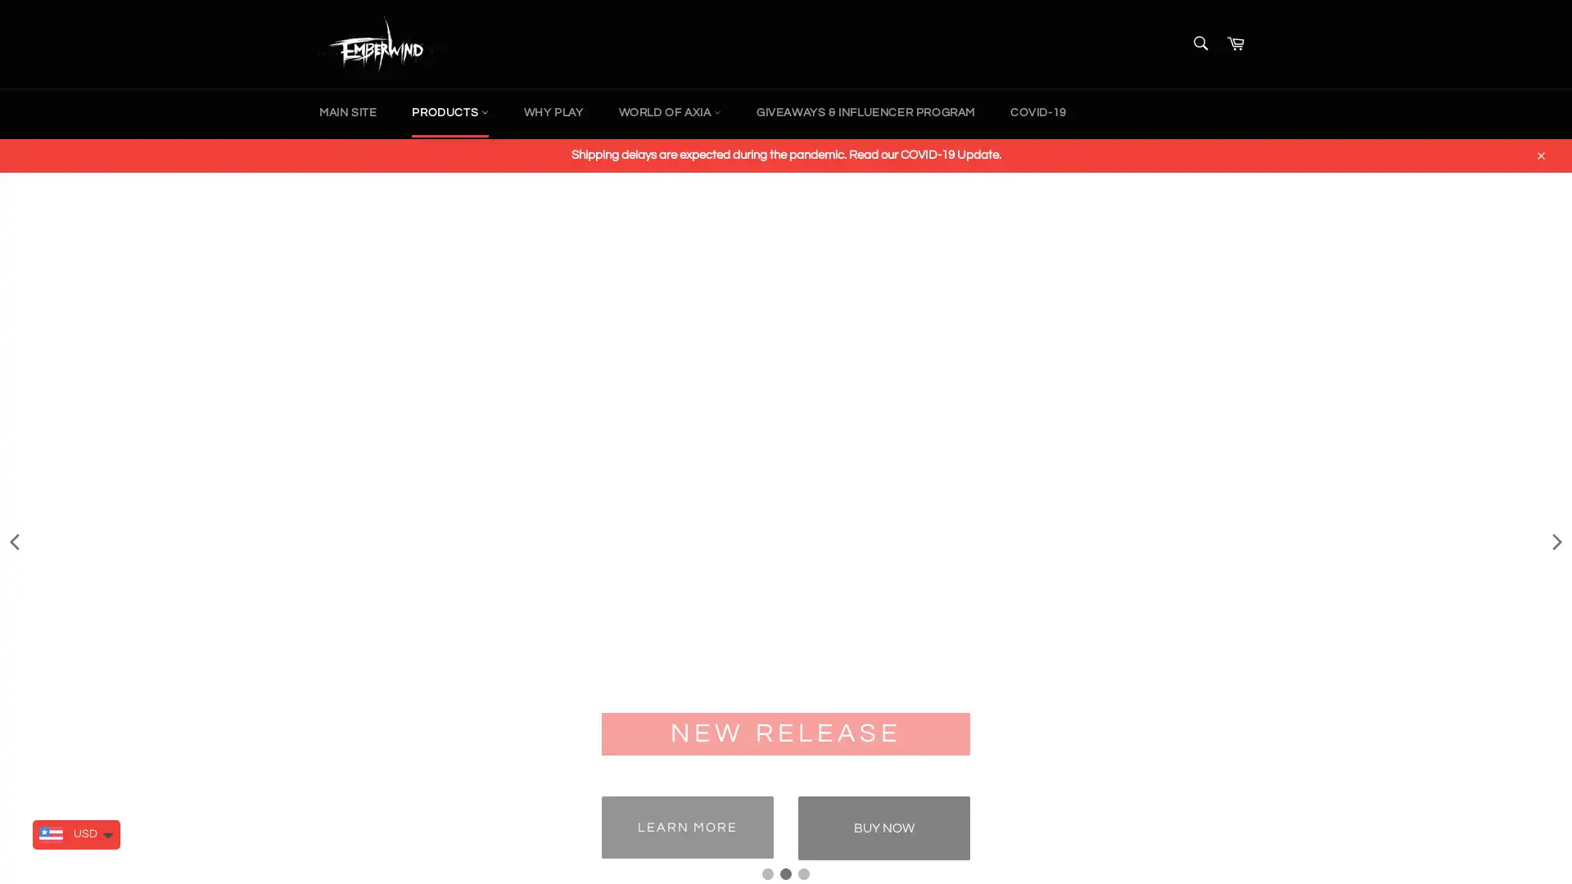  I want to click on Close, so click(1539, 152).